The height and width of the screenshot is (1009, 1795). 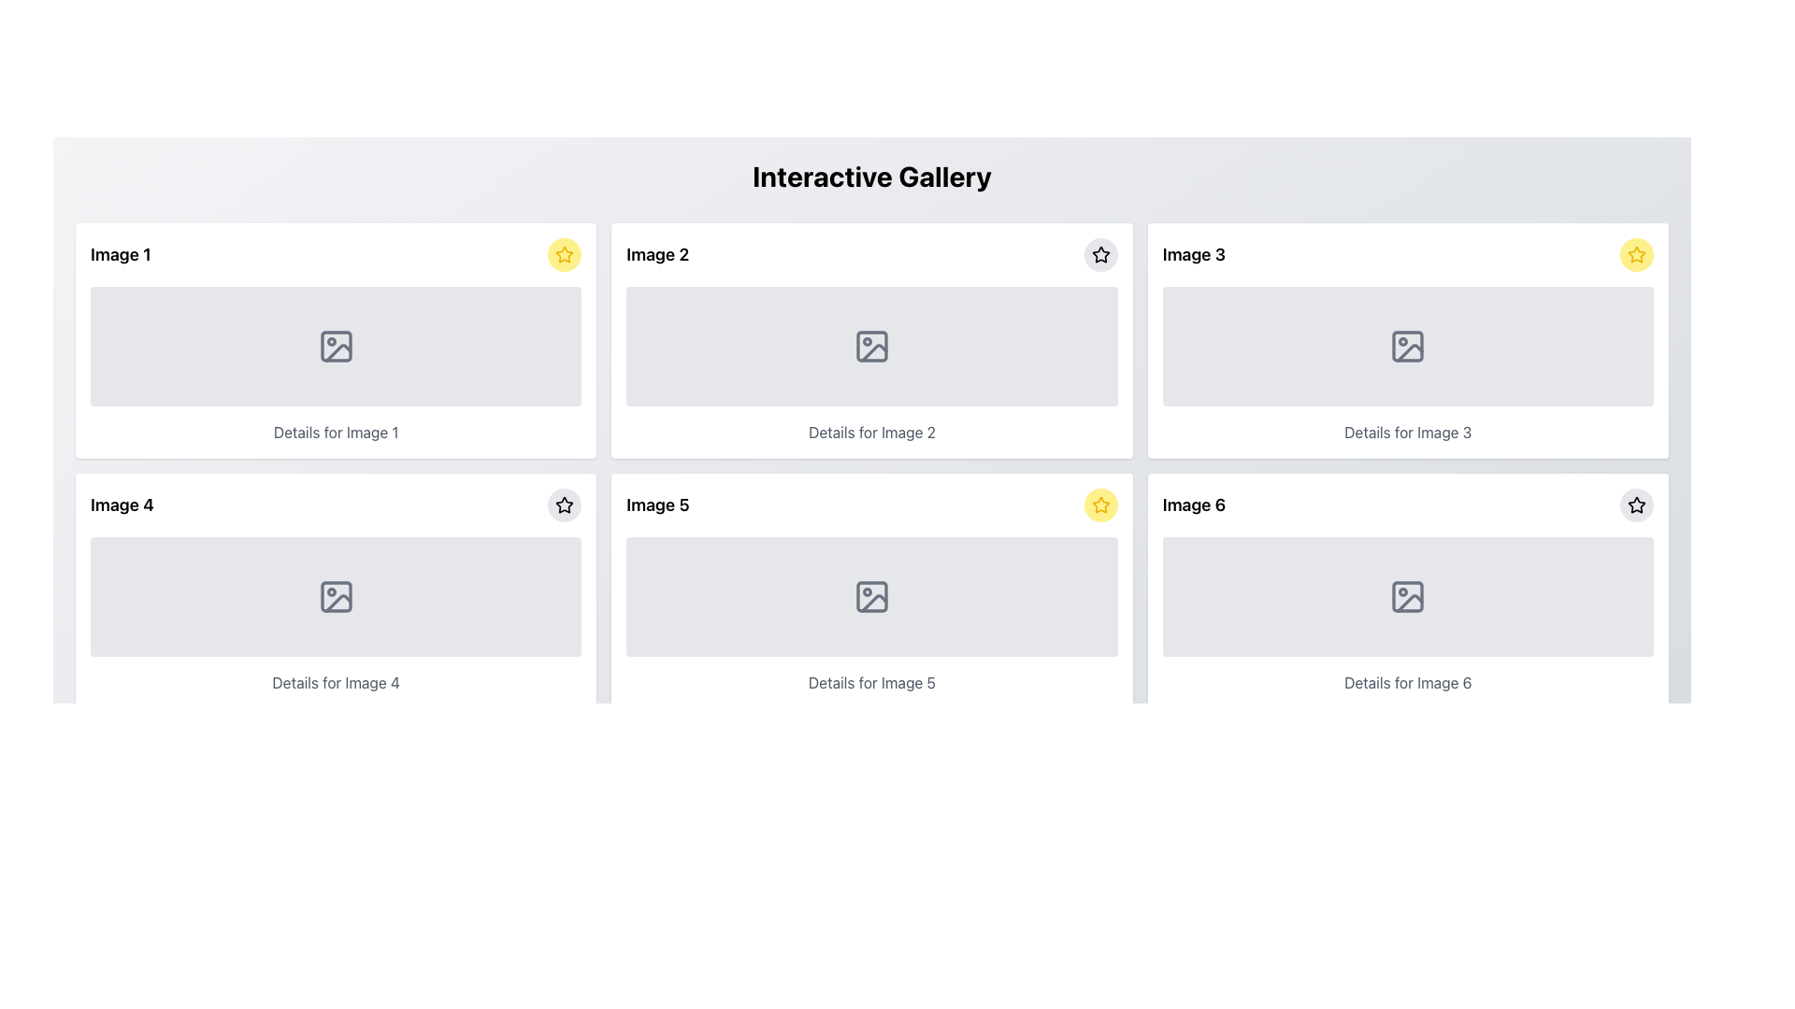 What do you see at coordinates (1100, 504) in the screenshot?
I see `the button located in the top-right corner of the 'Image 5' section` at bounding box center [1100, 504].